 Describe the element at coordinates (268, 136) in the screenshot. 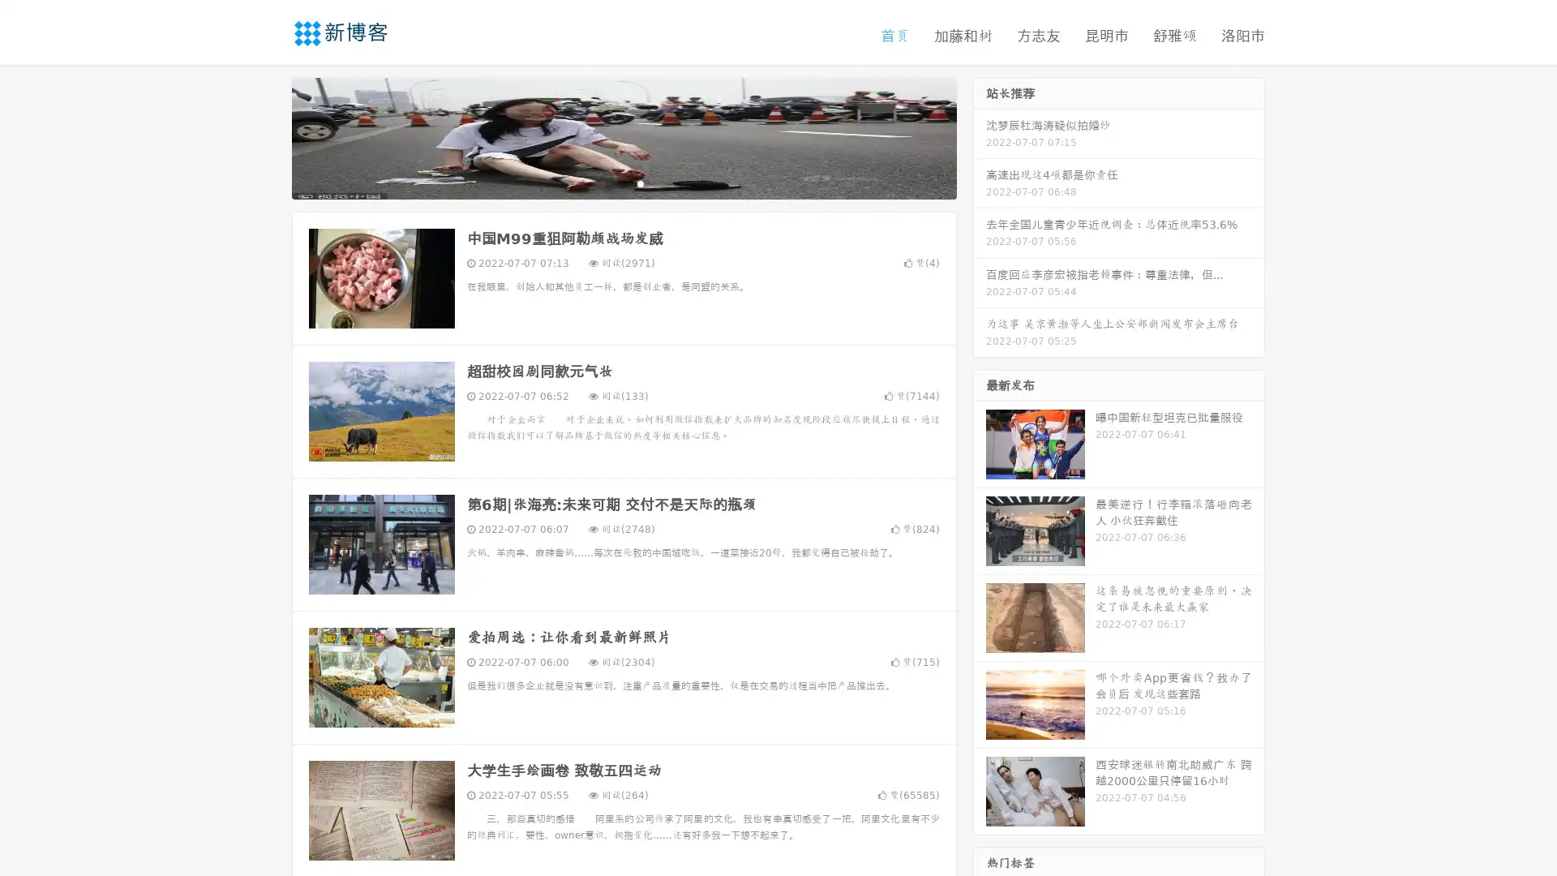

I see `Previous slide` at that location.